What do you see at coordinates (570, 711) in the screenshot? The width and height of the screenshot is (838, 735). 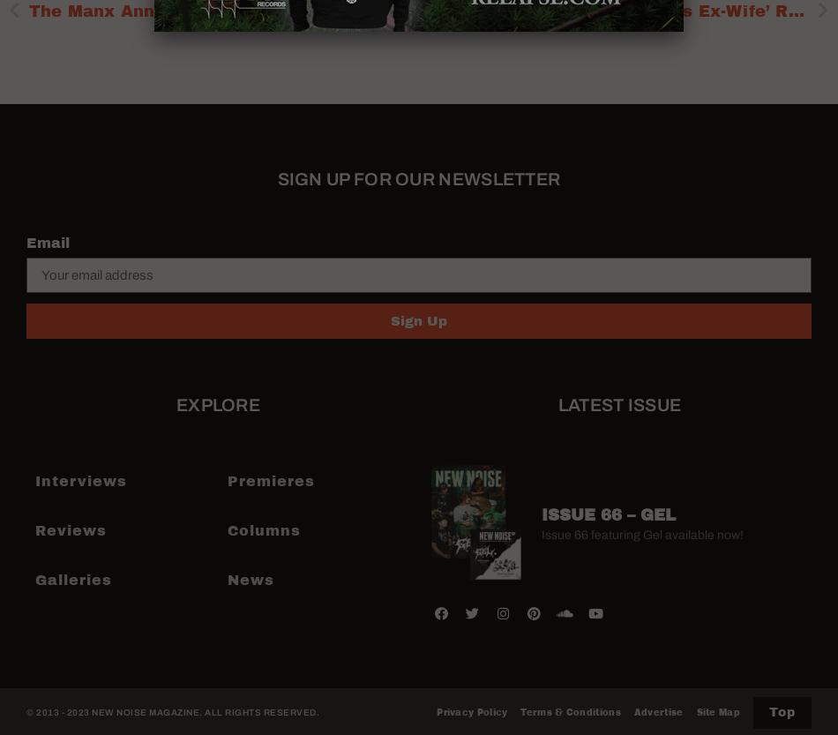 I see `'Terms & Conditions'` at bounding box center [570, 711].